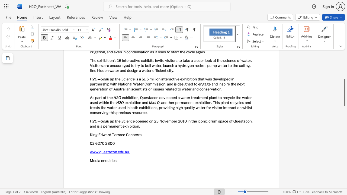 The width and height of the screenshot is (347, 195). I want to click on the scrollbar and move up 40 pixels, so click(344, 92).